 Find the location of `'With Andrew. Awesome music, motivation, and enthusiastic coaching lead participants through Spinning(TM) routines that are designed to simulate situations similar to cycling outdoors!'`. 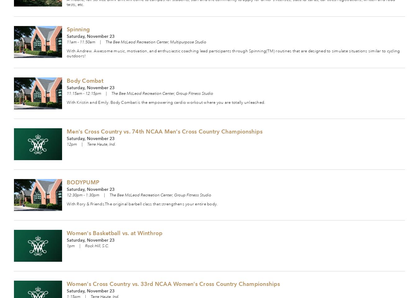

'With Andrew. Awesome music, motivation, and enthusiastic coaching lead participants through Spinning(TM) routines that are designed to simulate situations similar to cycling outdoors!' is located at coordinates (233, 53).